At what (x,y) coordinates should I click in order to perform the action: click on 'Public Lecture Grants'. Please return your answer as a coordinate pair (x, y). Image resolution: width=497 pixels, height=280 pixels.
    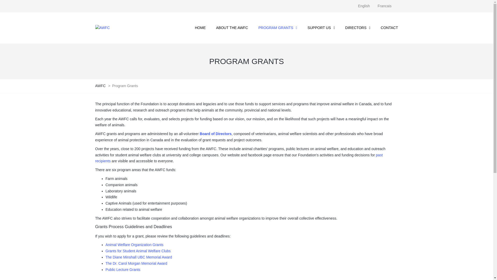
    Looking at the image, I should click on (105, 269).